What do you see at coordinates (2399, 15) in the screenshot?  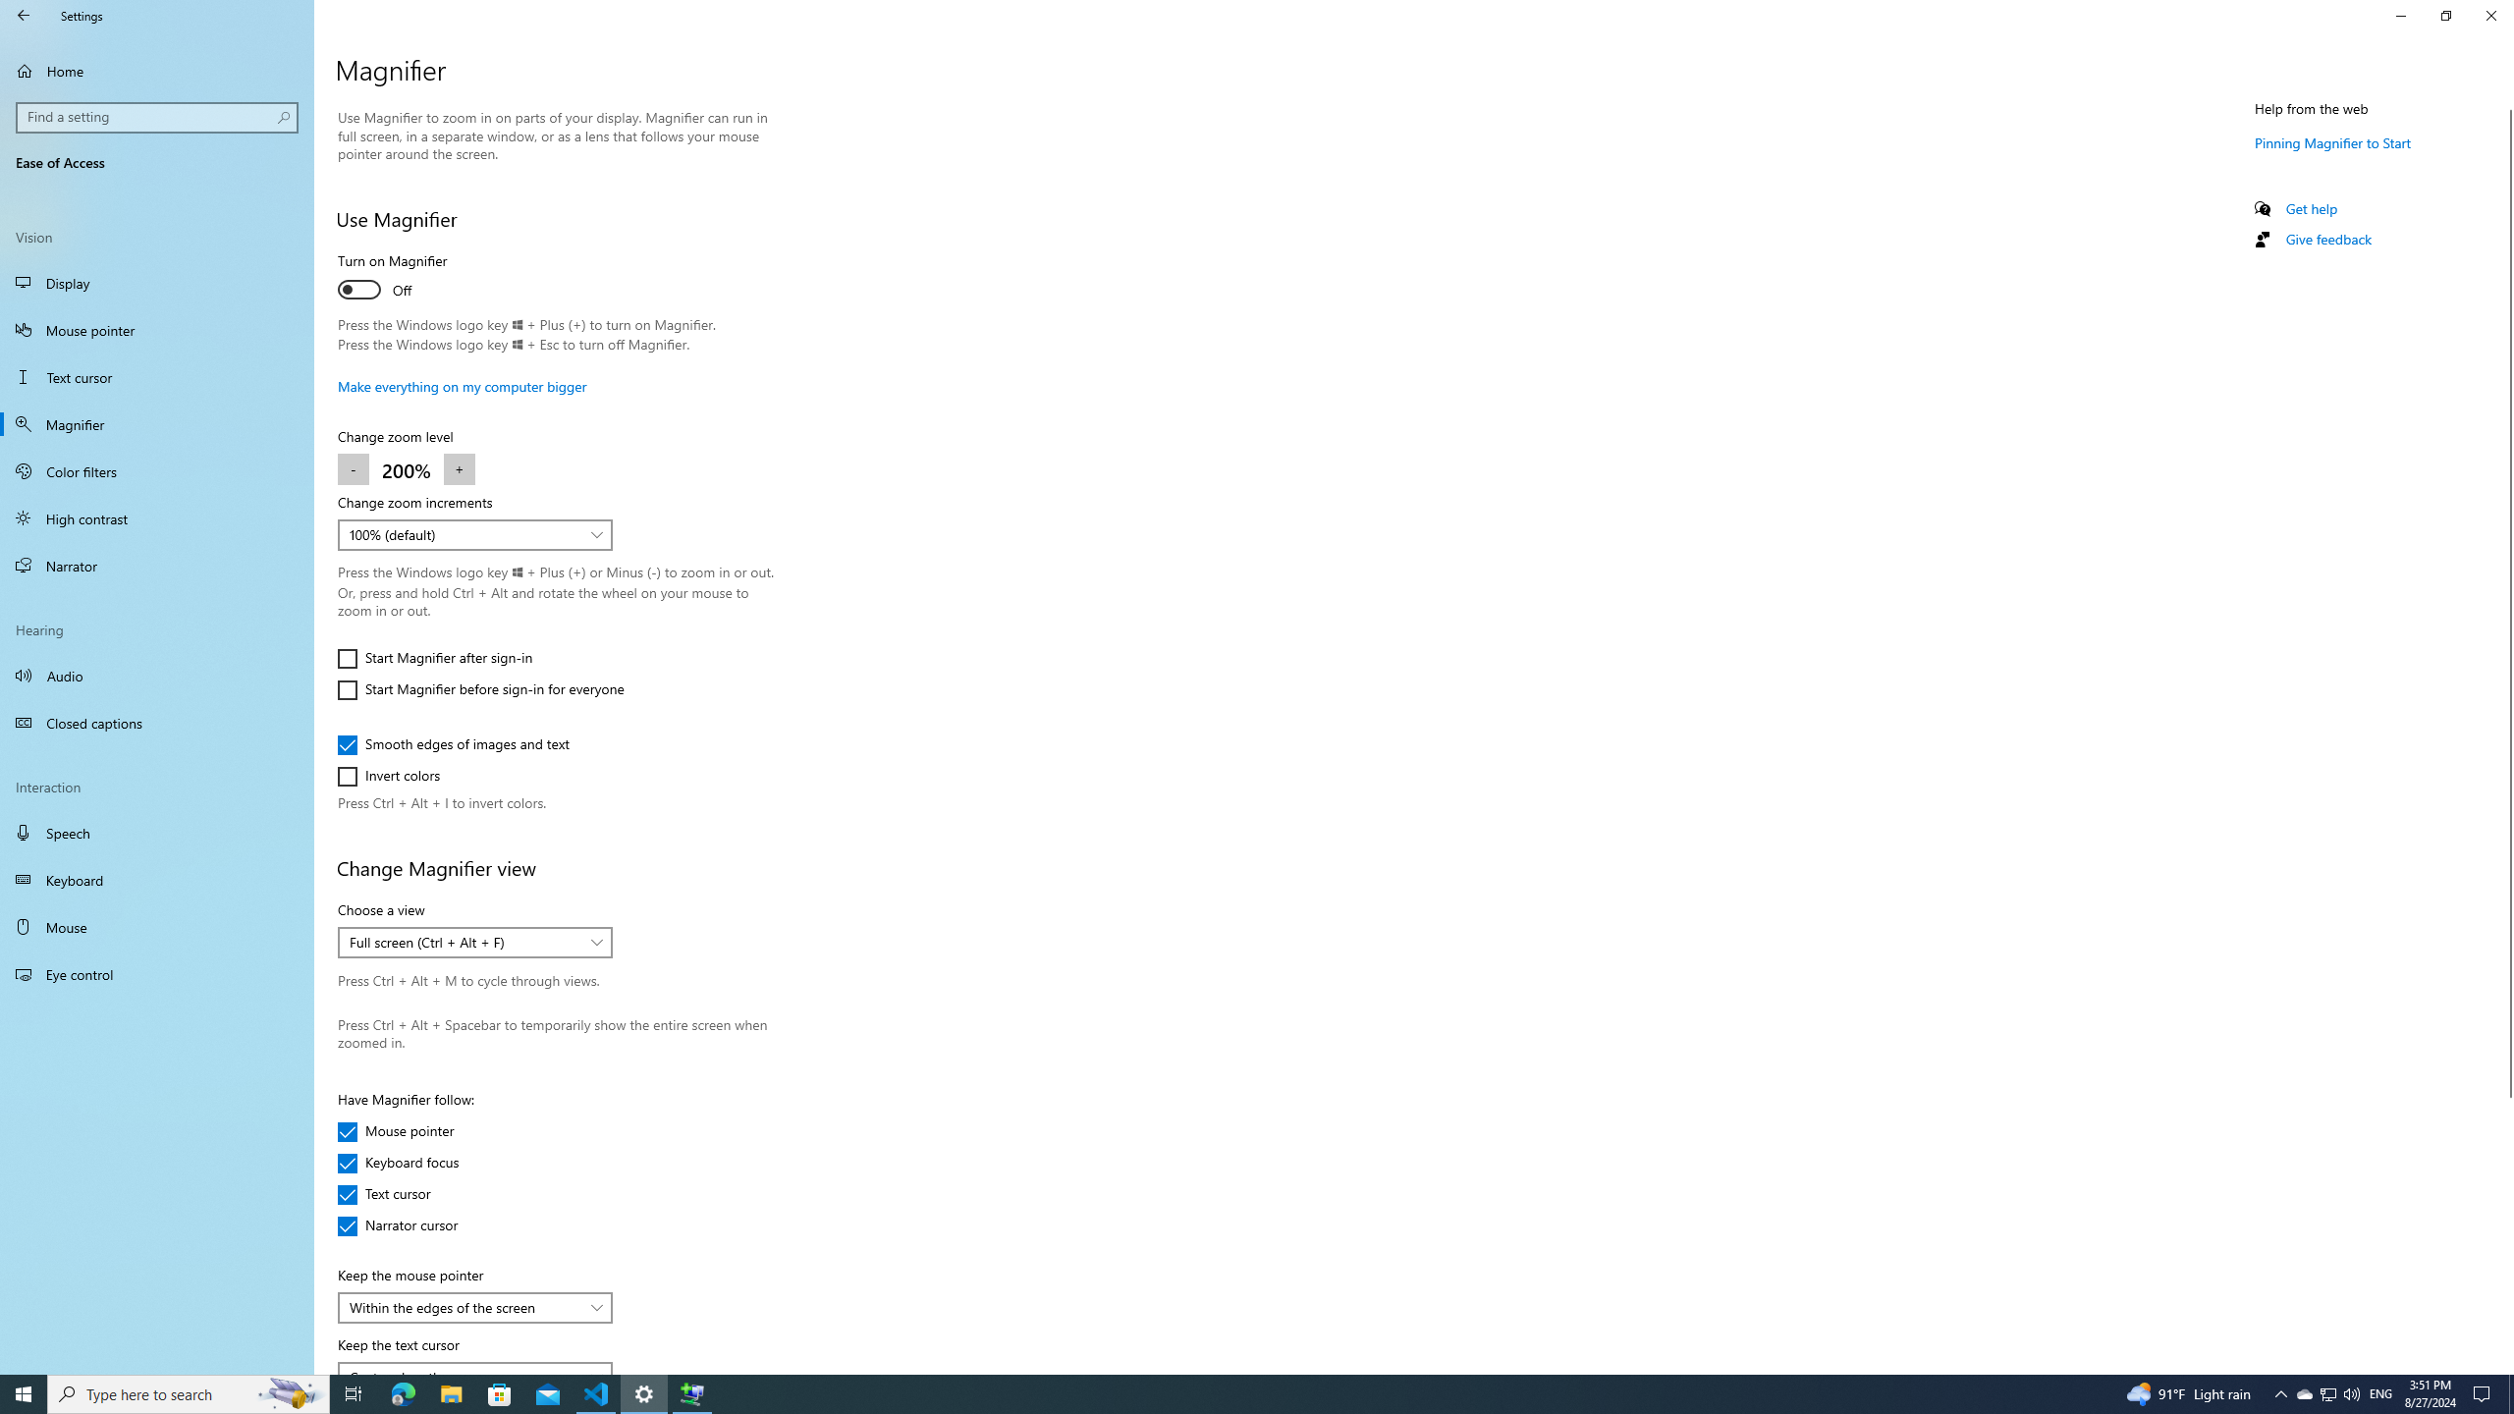 I see `'Minimize Settings'` at bounding box center [2399, 15].